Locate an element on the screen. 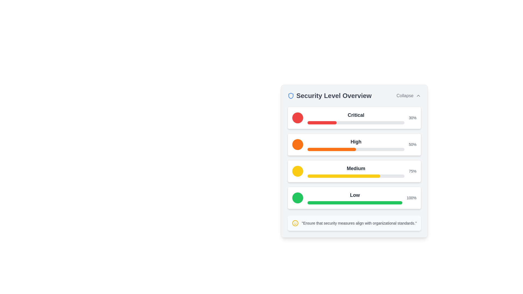 This screenshot has height=294, width=523. the smiley face icon is located at coordinates (295, 223).